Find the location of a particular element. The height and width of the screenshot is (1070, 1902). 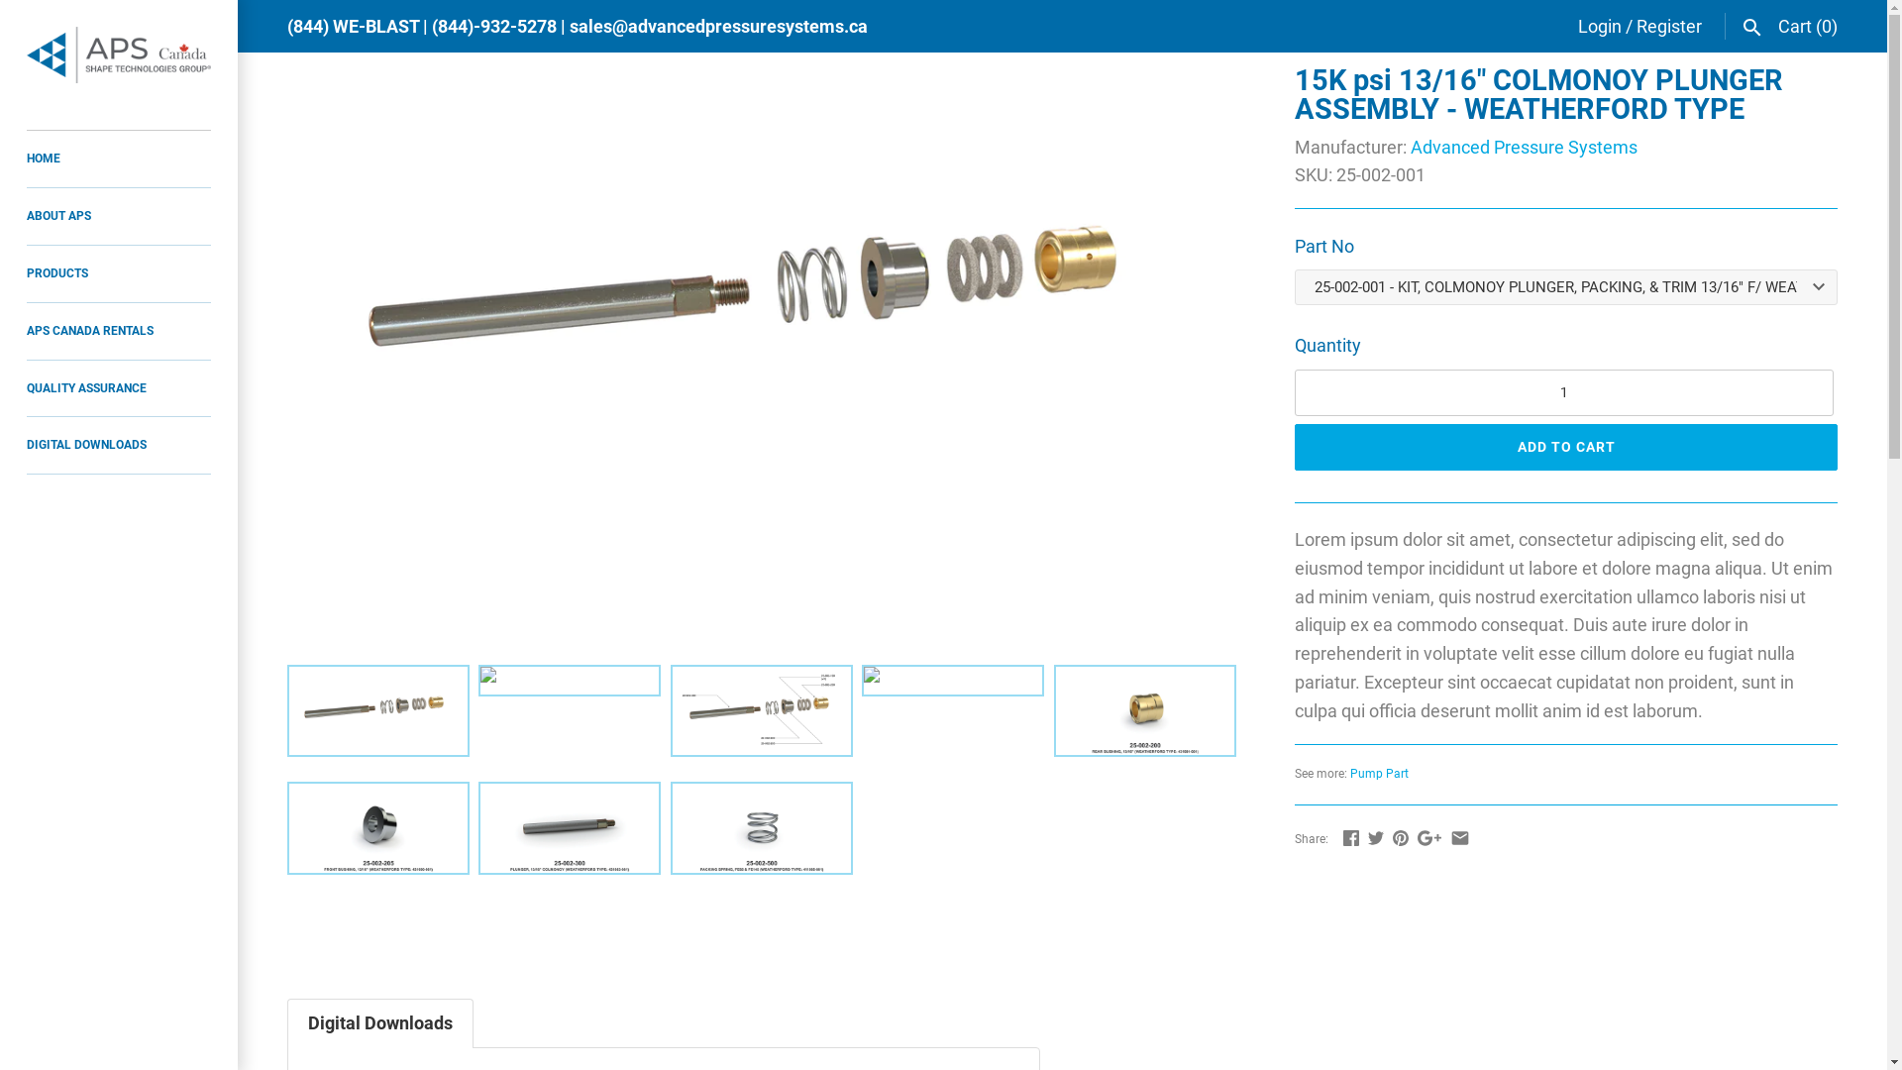

'Register' is located at coordinates (1667, 26).